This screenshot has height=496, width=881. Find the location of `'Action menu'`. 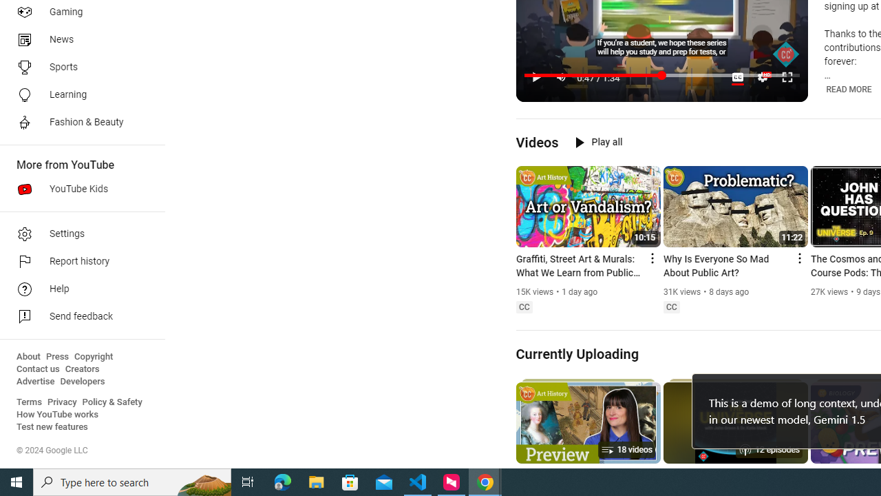

'Action menu' is located at coordinates (798, 258).